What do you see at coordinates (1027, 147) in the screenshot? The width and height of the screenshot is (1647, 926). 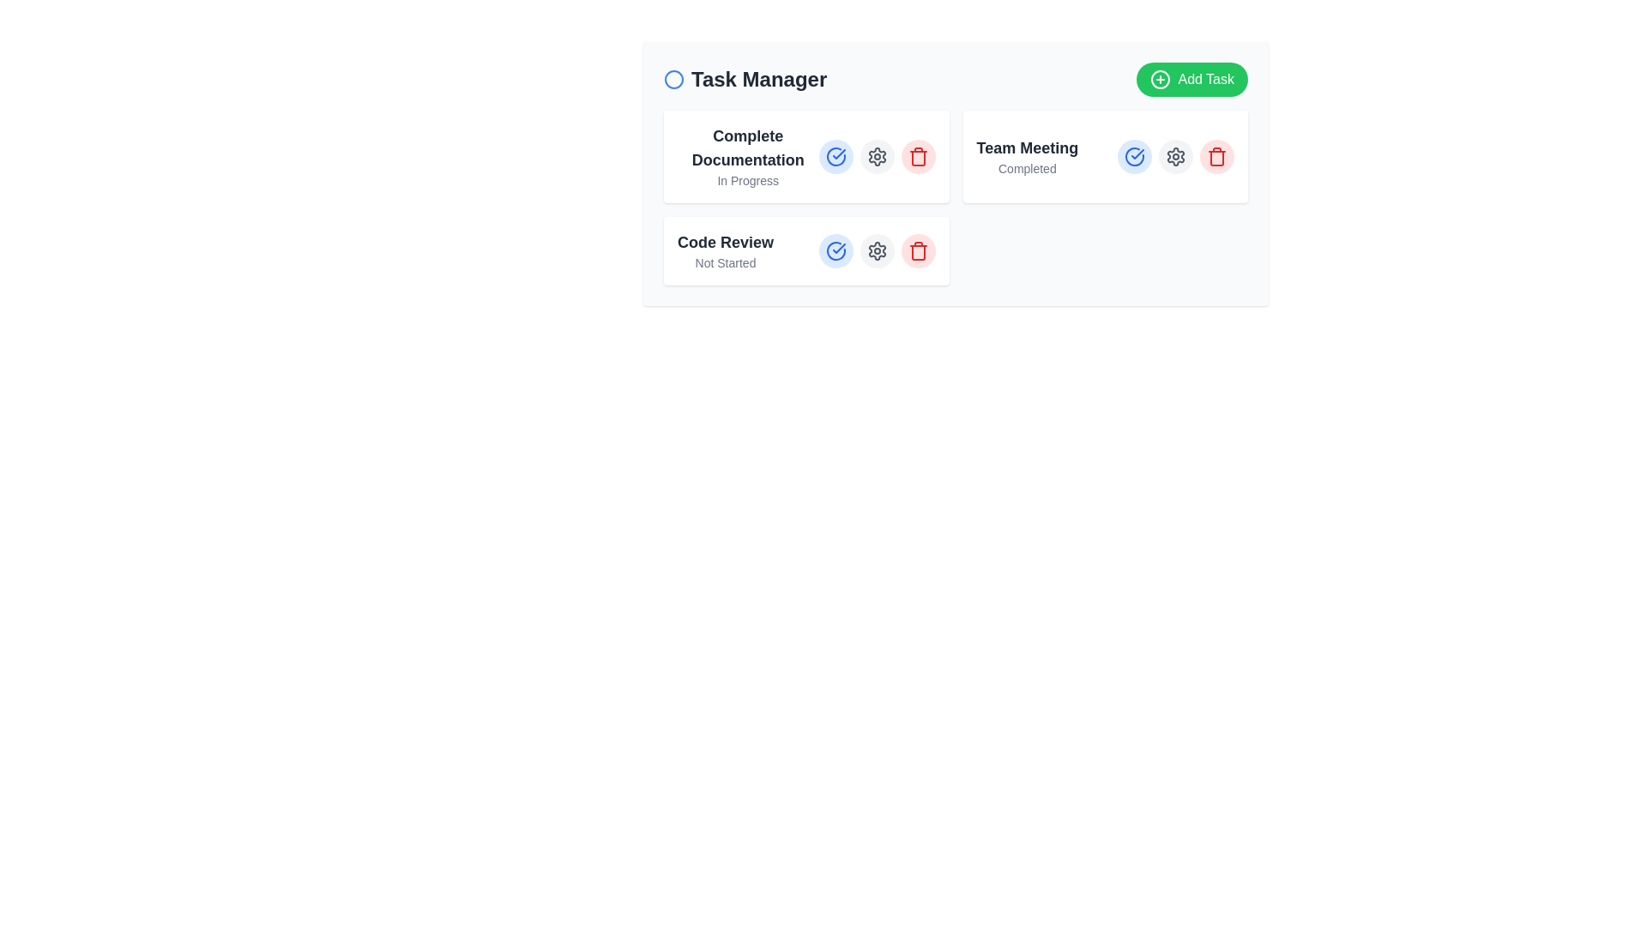 I see `the text label containing the bold text 'Team Meeting'` at bounding box center [1027, 147].